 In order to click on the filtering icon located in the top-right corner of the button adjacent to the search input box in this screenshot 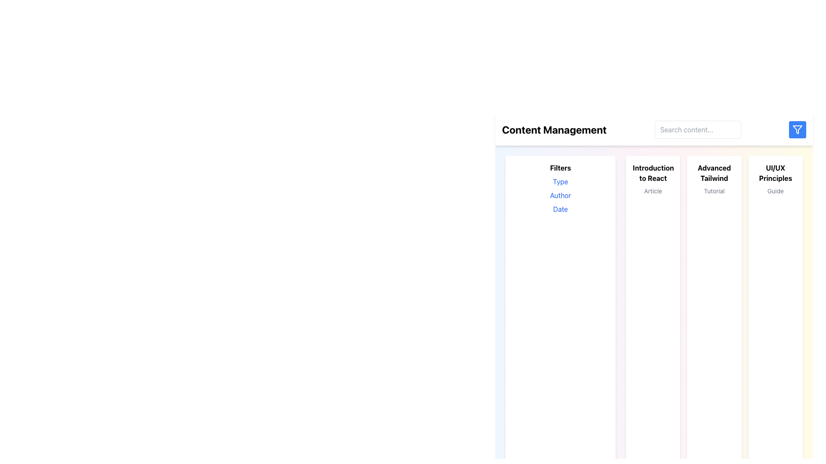, I will do `click(797, 129)`.